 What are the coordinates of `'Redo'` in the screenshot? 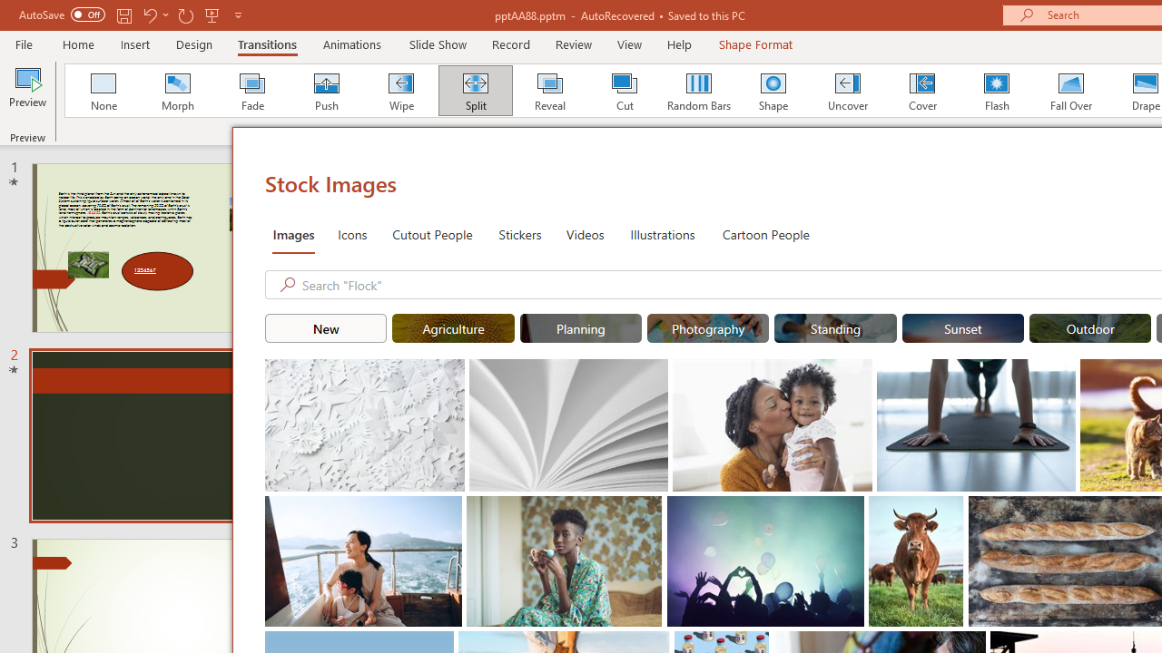 It's located at (185, 15).